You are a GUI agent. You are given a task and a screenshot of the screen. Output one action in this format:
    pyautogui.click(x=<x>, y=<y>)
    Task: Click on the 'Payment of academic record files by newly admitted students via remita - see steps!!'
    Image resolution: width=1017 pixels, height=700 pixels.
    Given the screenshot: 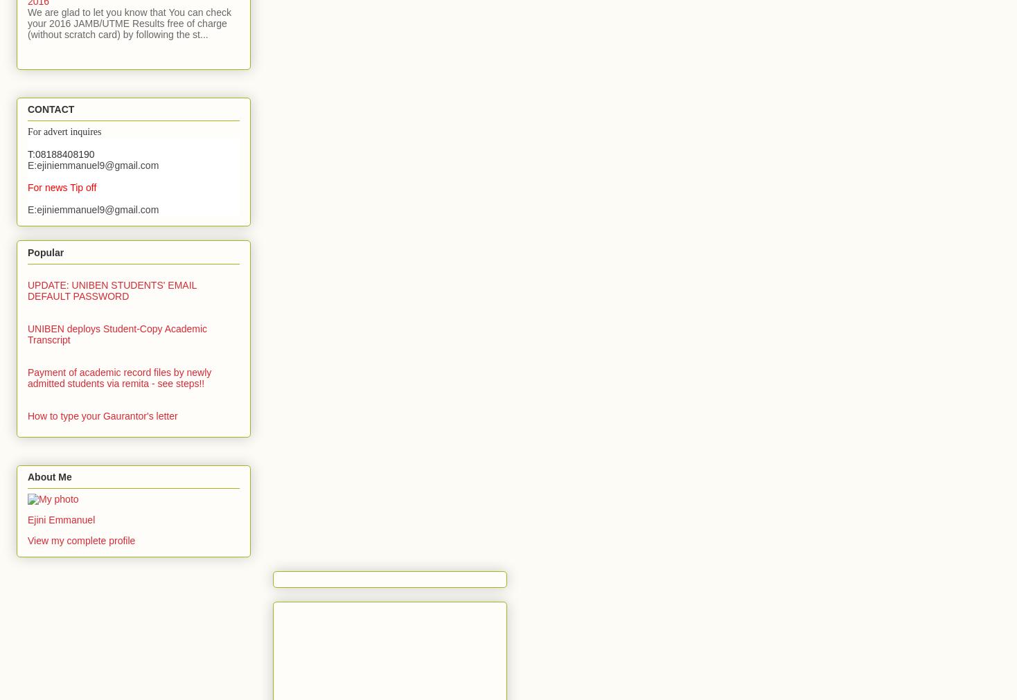 What is the action you would take?
    pyautogui.click(x=118, y=377)
    